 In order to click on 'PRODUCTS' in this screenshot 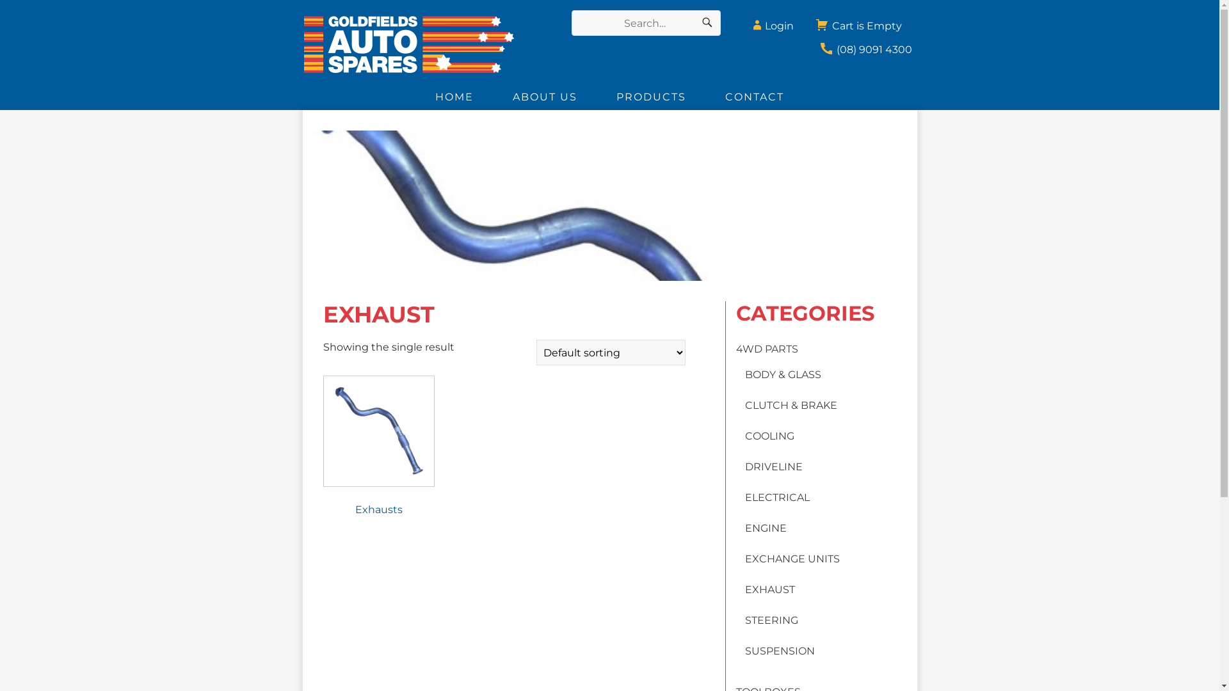, I will do `click(651, 96)`.